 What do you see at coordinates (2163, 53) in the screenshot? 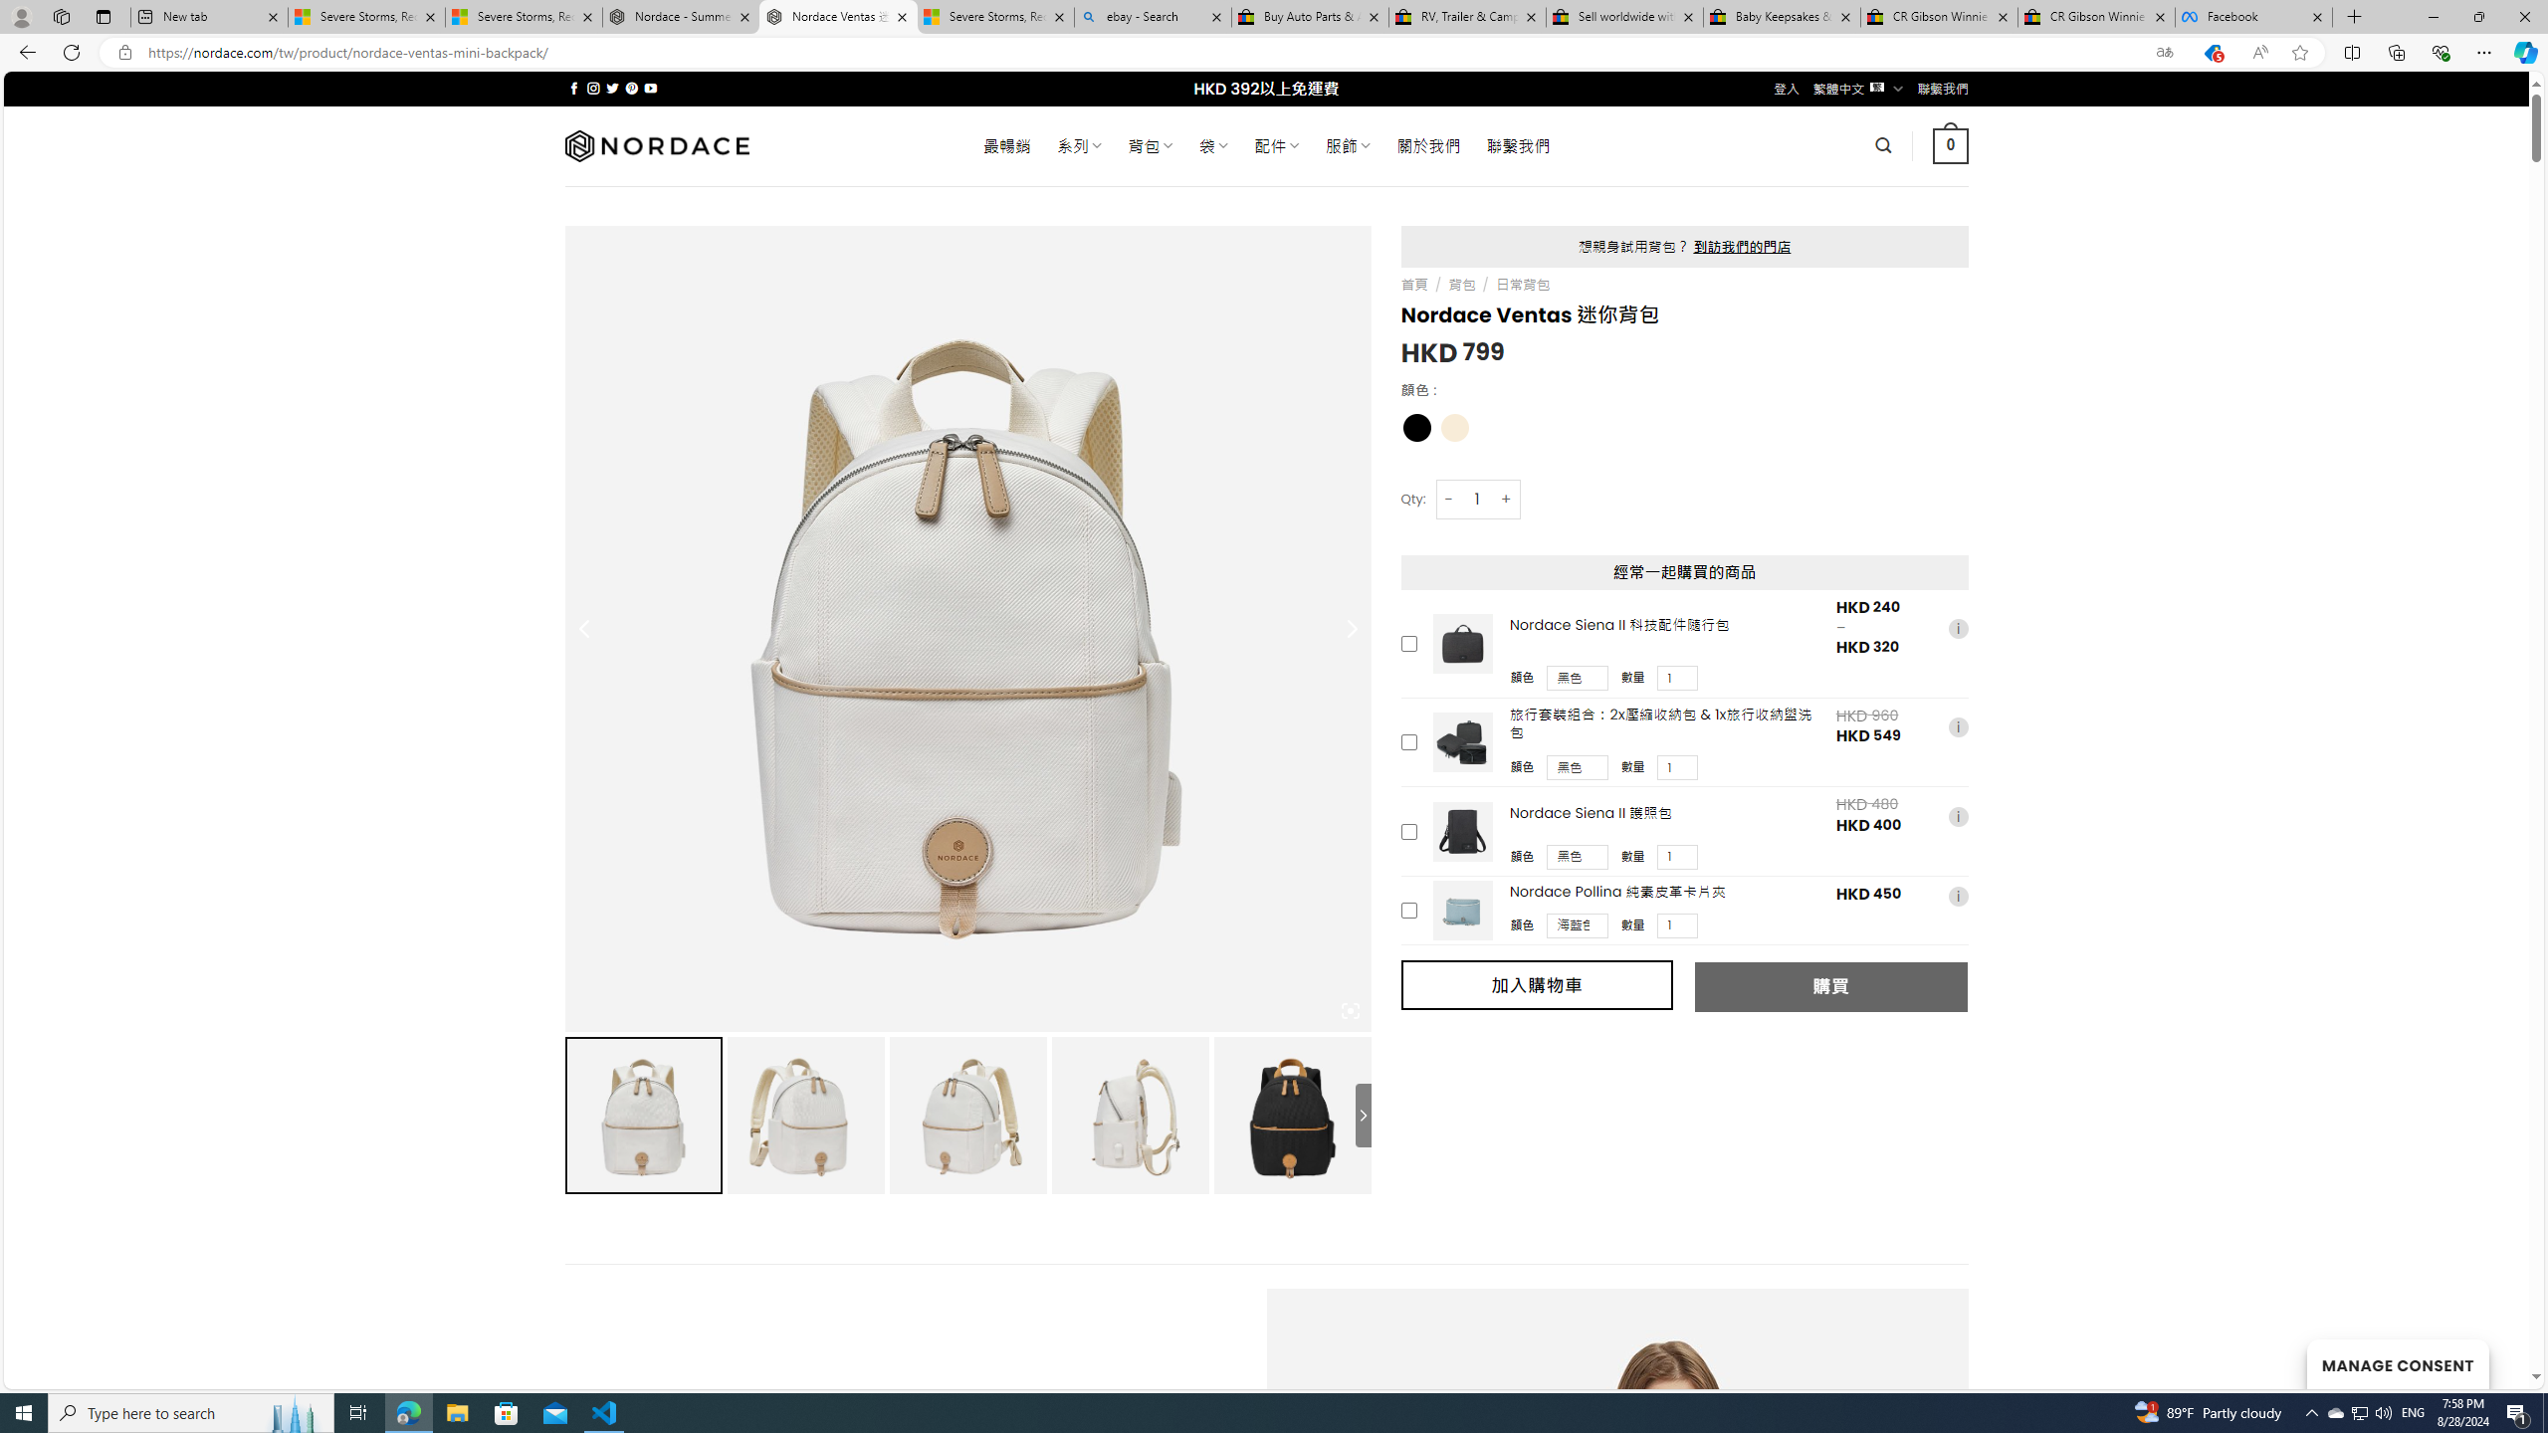
I see `'Show translate options'` at bounding box center [2163, 53].